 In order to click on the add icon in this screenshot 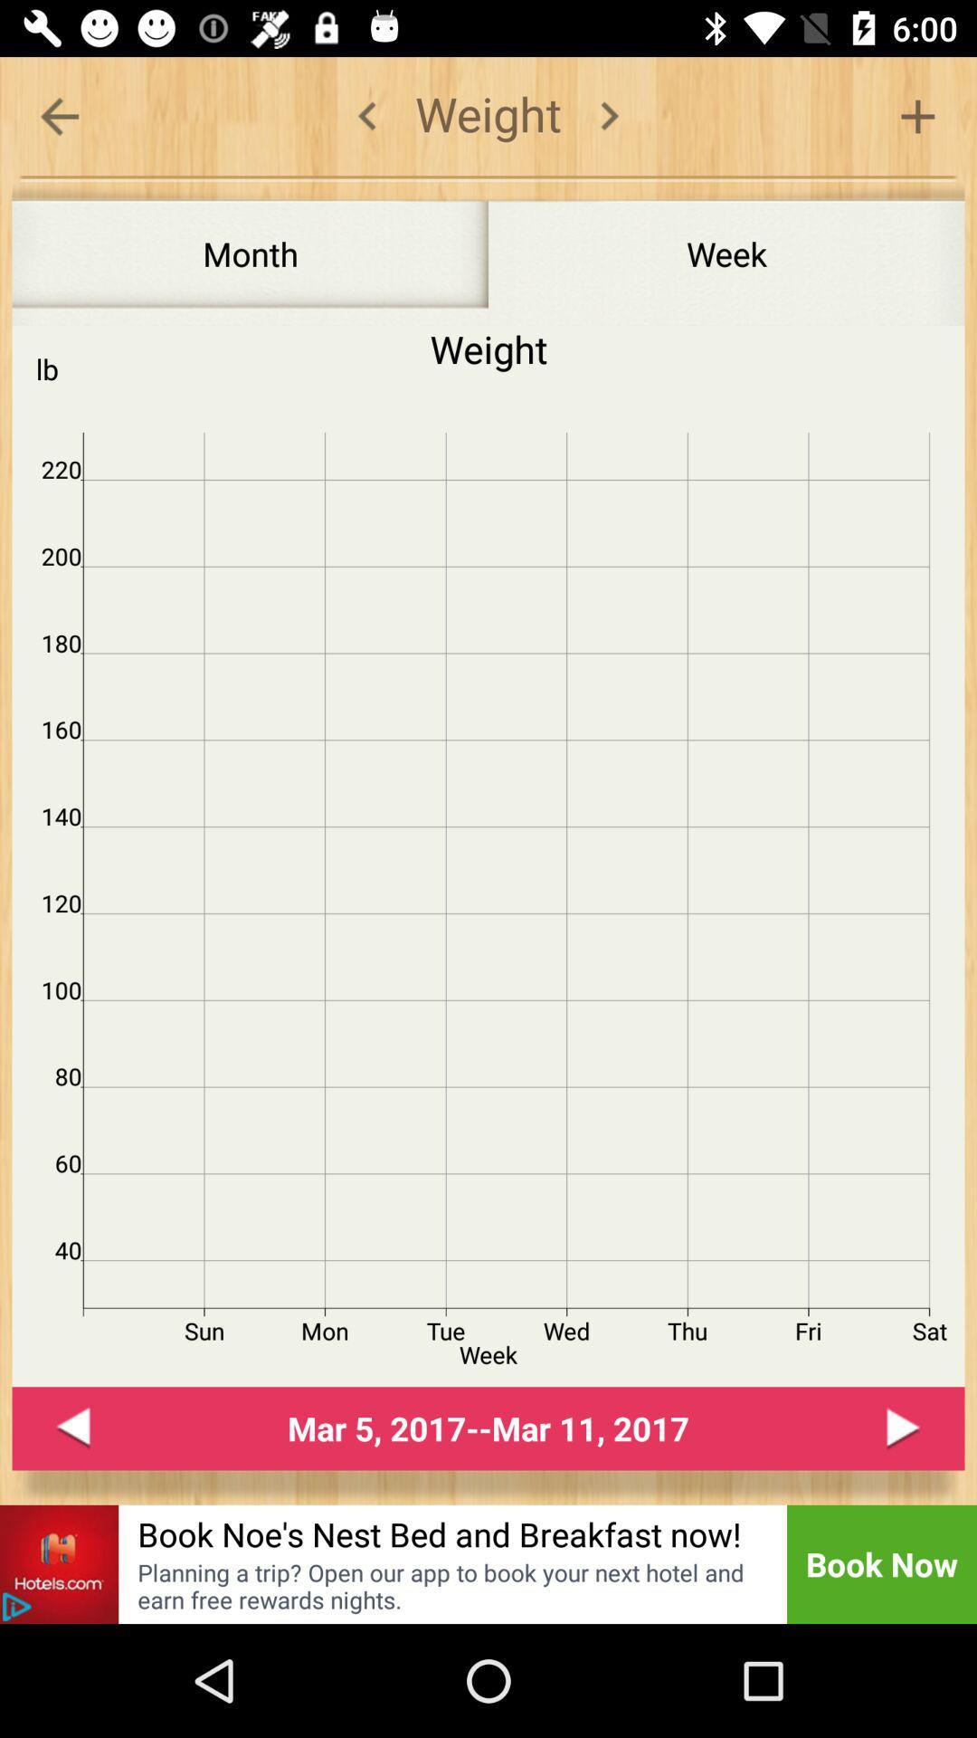, I will do `click(917, 115)`.